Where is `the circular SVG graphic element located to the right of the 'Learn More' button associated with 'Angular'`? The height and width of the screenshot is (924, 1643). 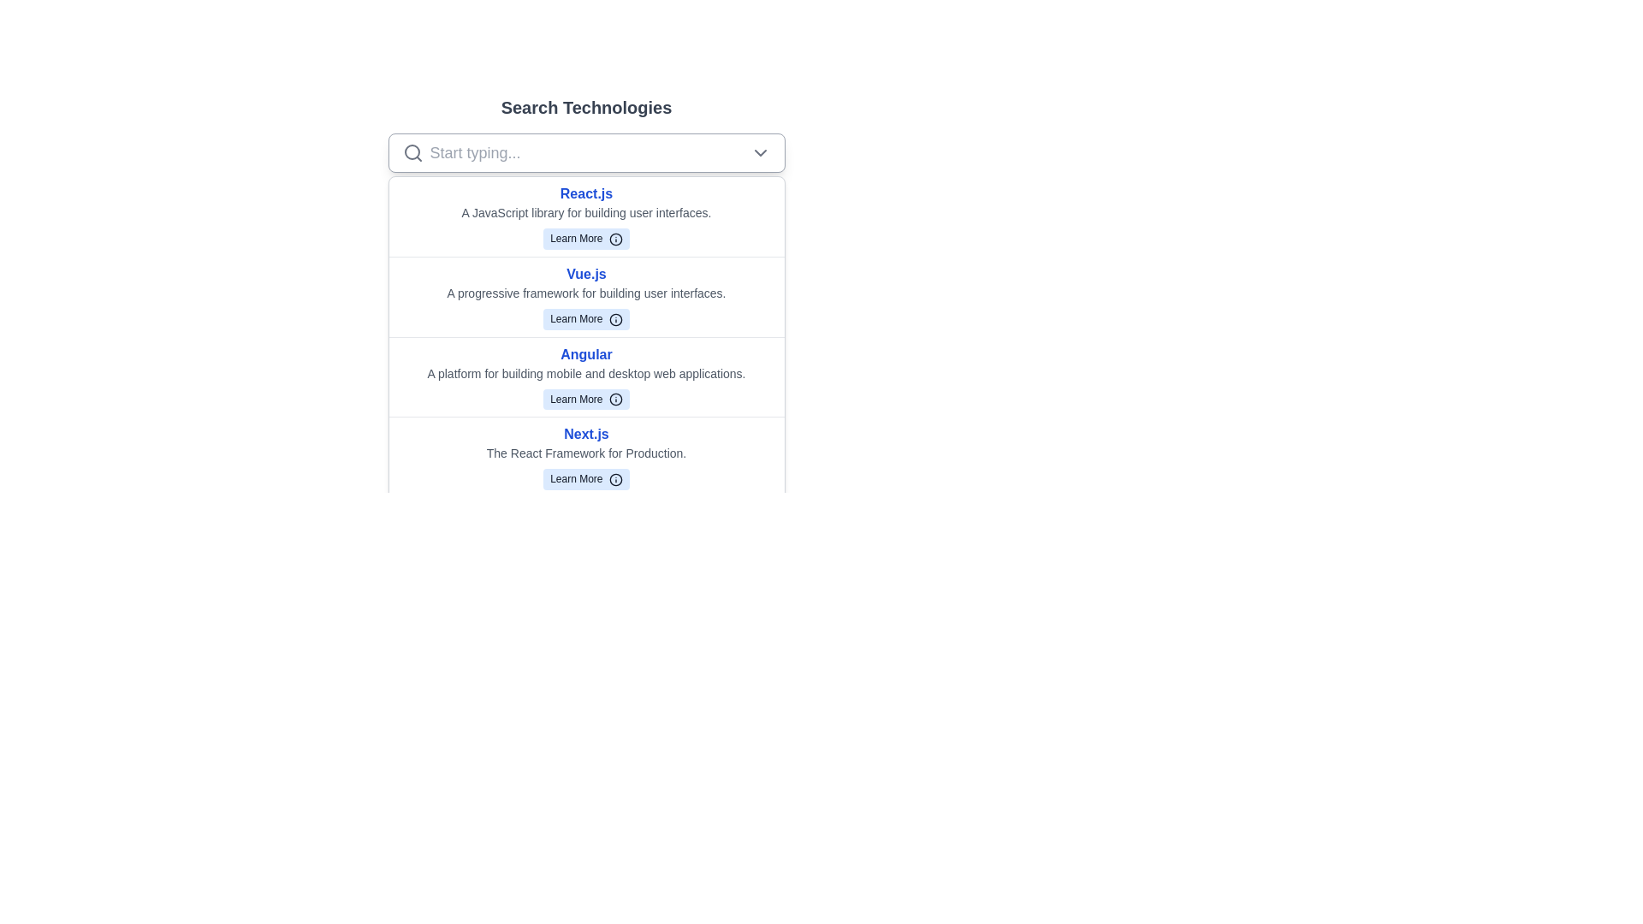
the circular SVG graphic element located to the right of the 'Learn More' button associated with 'Angular' is located at coordinates (615, 400).